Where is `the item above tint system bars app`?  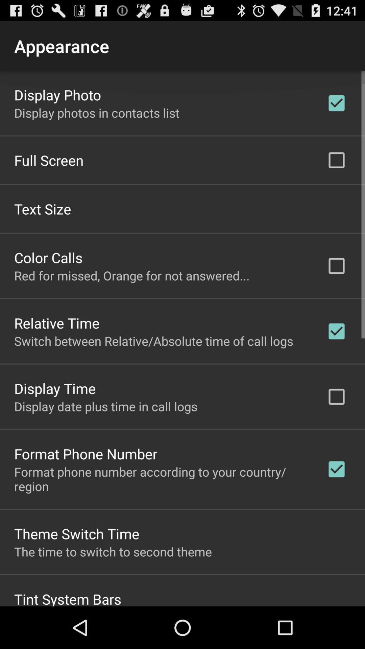
the item above tint system bars app is located at coordinates (113, 551).